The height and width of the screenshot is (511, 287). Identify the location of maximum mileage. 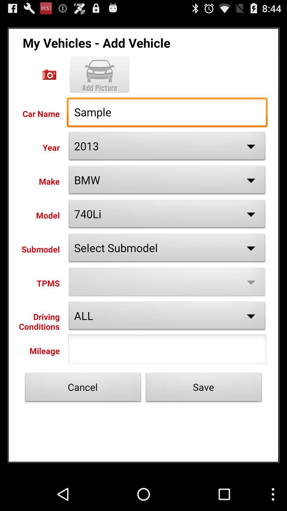
(167, 351).